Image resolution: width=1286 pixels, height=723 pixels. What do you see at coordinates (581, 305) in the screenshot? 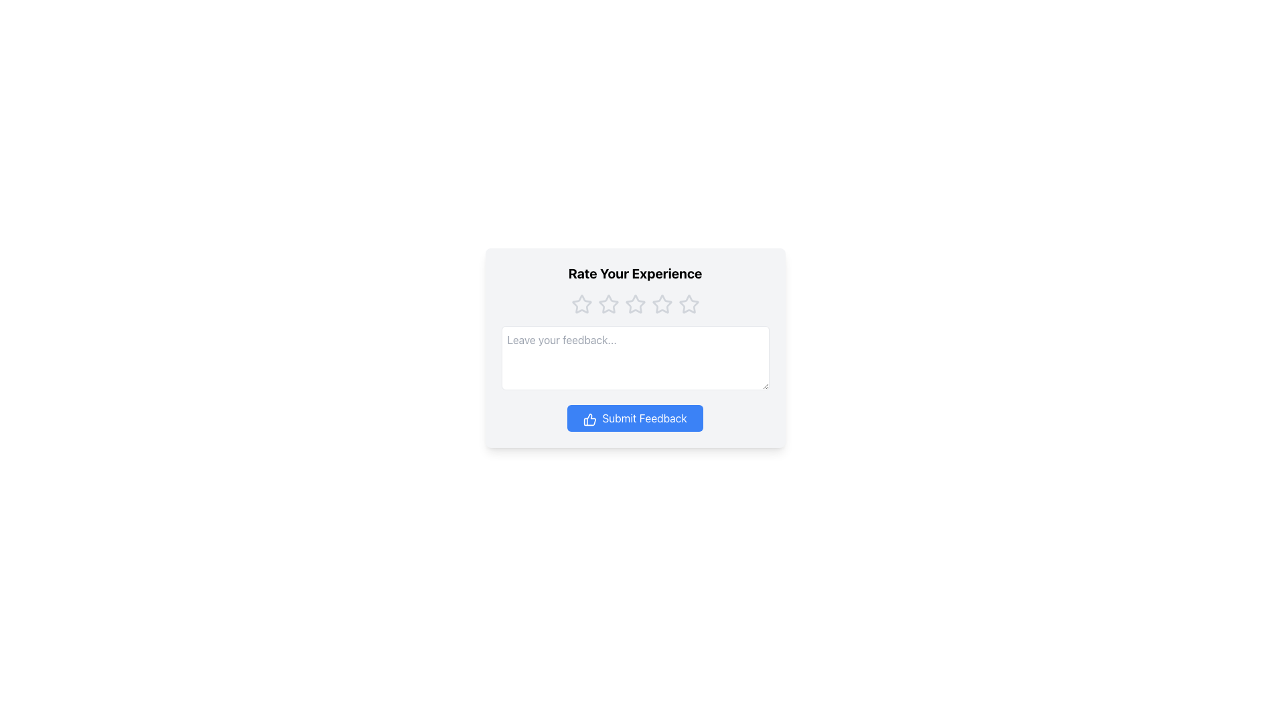
I see `the leftmost star icon in the ratings section, which is outlined in gray and represents a rating` at bounding box center [581, 305].